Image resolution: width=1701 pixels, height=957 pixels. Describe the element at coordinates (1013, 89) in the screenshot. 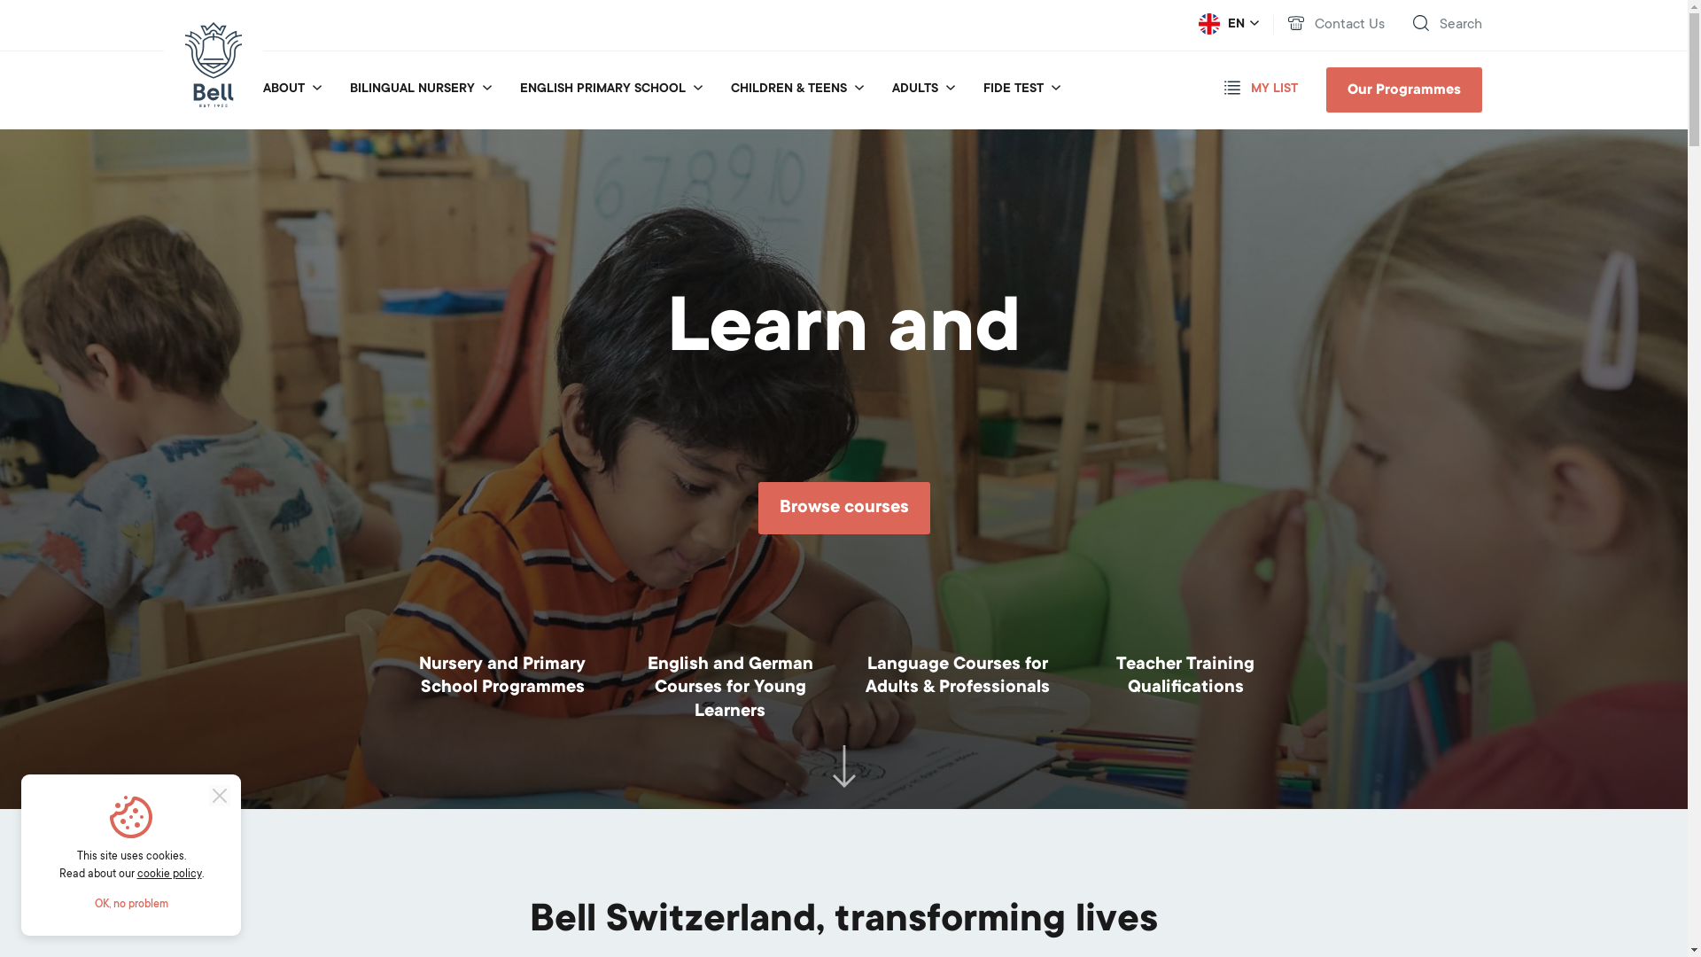

I see `'FIDE TEST'` at that location.